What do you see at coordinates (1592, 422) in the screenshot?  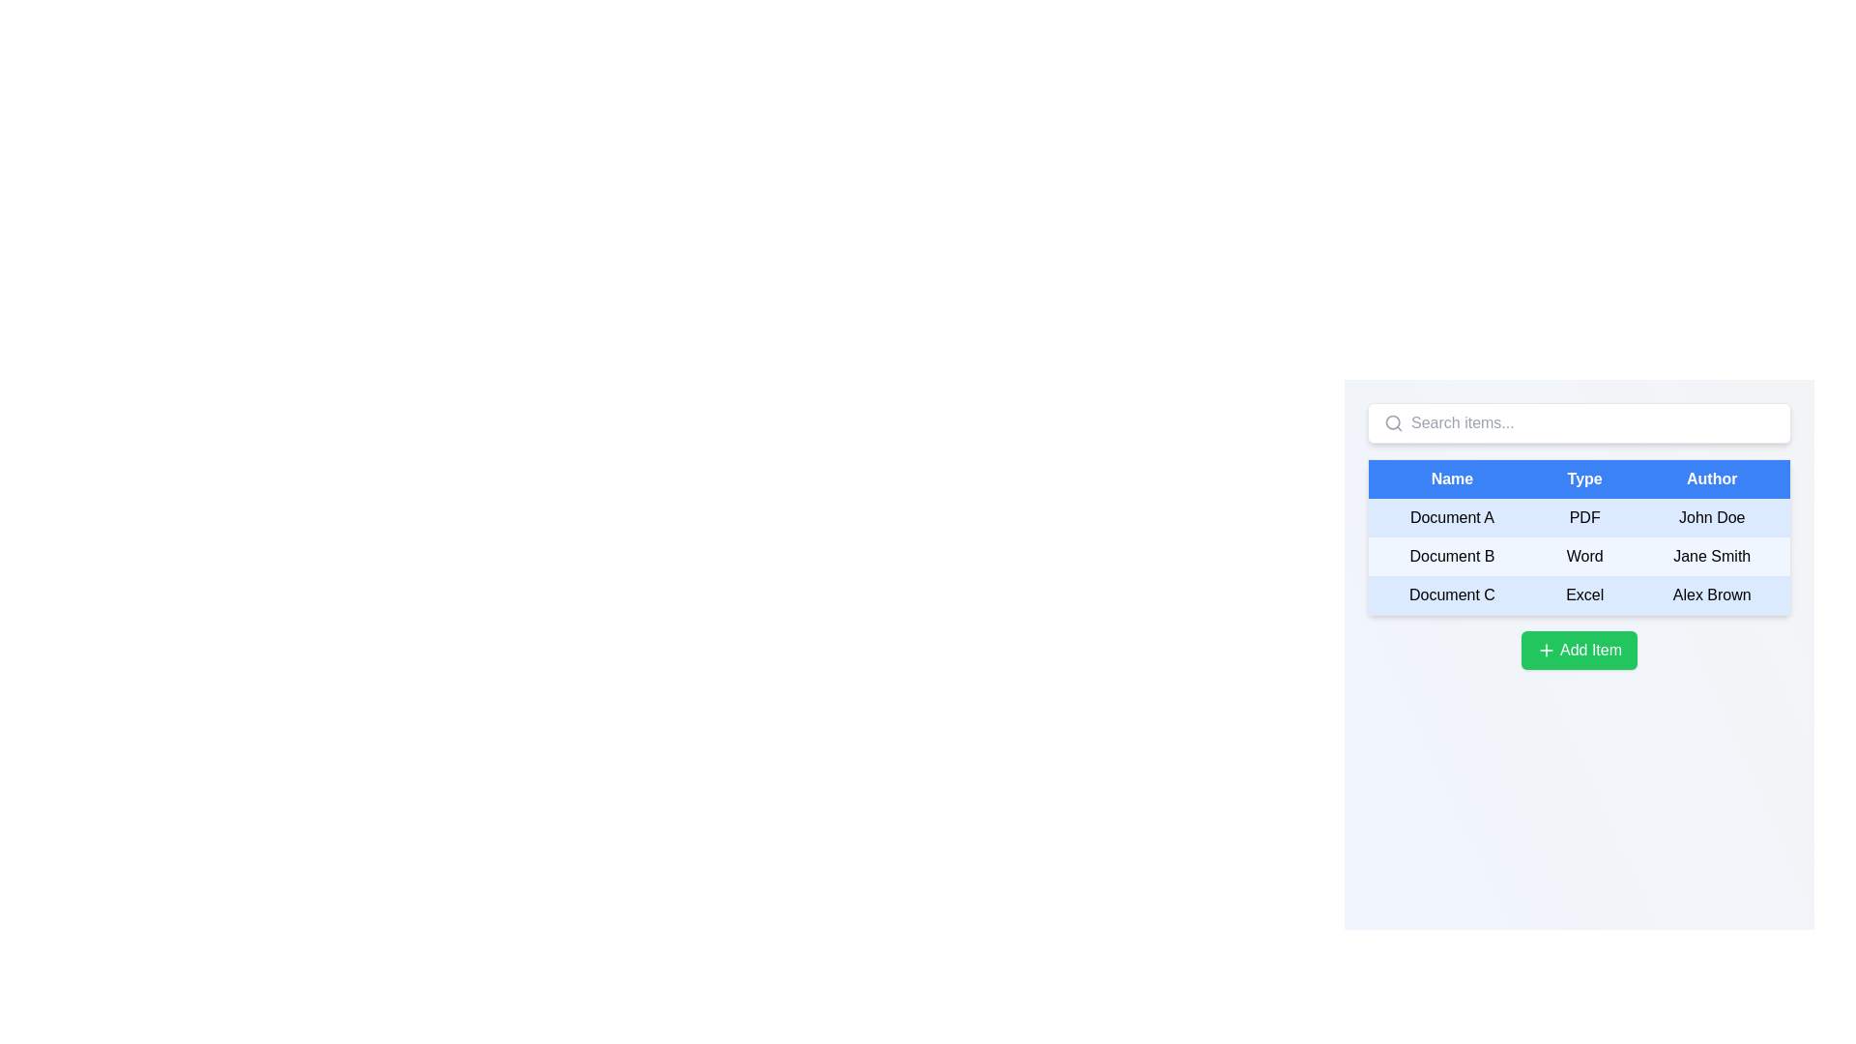 I see `the search bar input located in the top-left quadrant of the panel to focus on it` at bounding box center [1592, 422].